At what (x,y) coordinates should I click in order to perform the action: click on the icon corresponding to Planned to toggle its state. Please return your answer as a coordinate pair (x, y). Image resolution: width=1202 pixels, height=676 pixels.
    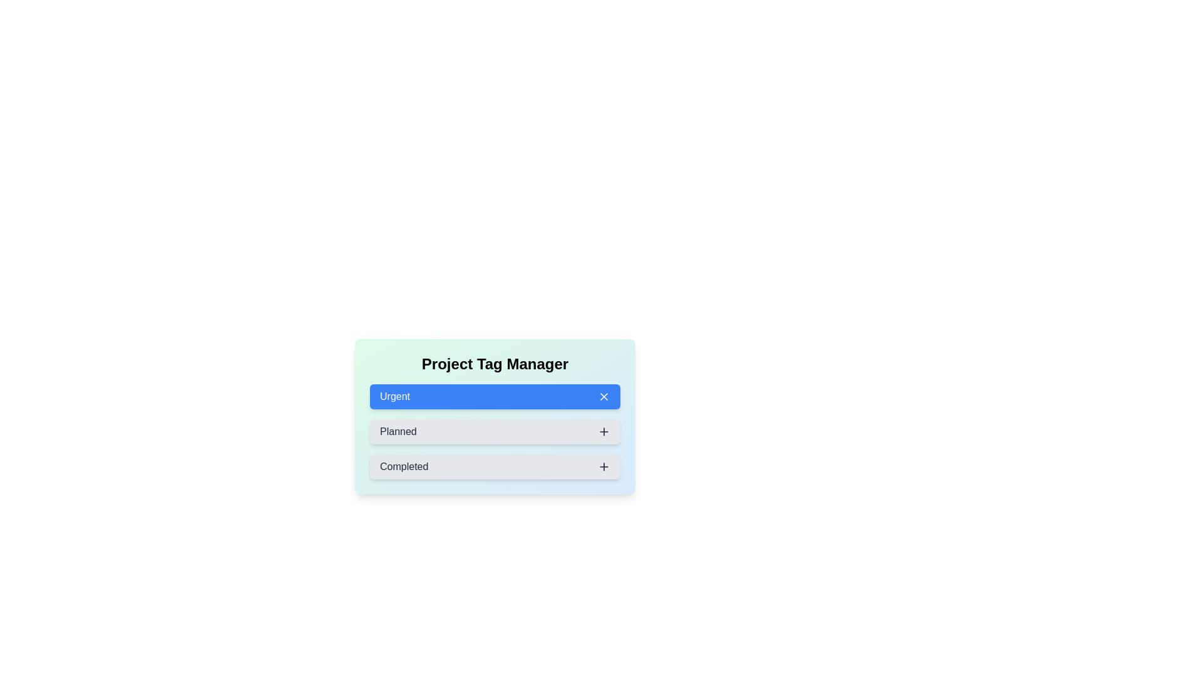
    Looking at the image, I should click on (604, 431).